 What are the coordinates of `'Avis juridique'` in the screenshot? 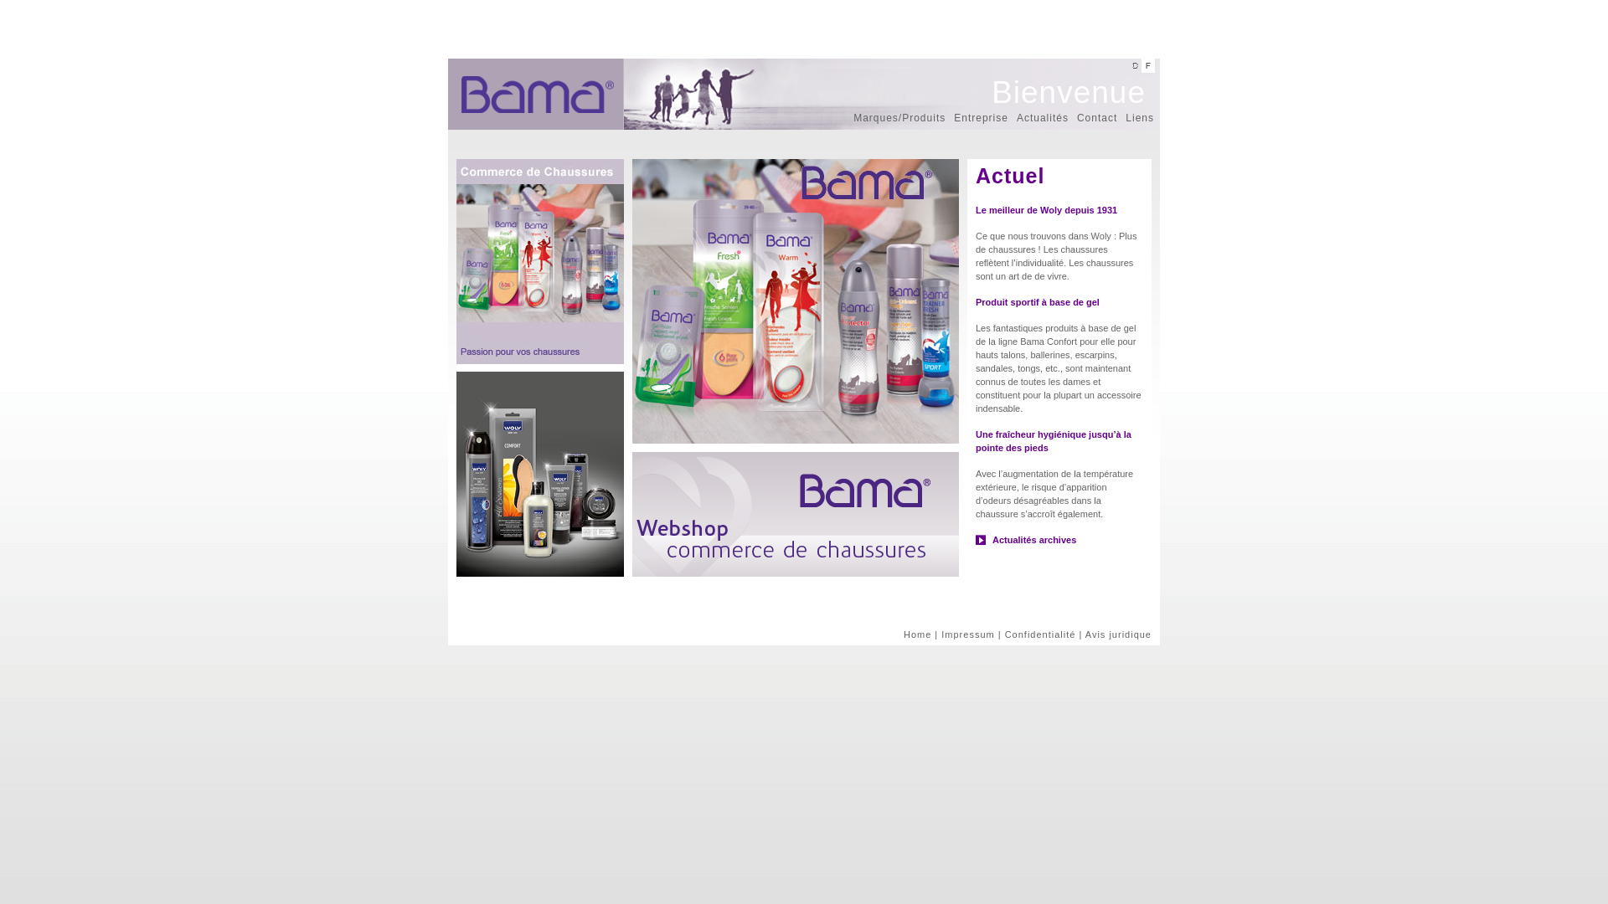 It's located at (1118, 634).